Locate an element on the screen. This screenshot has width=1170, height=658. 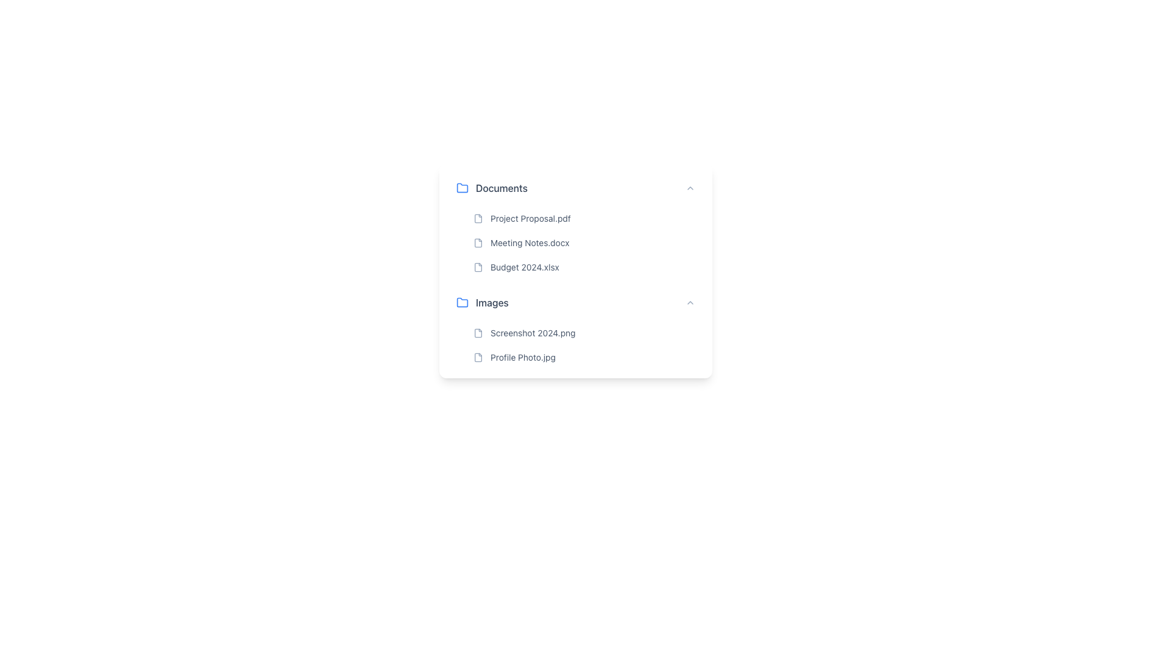
the fourth list item with folder functionality labeled 'Images' is located at coordinates (575, 302).